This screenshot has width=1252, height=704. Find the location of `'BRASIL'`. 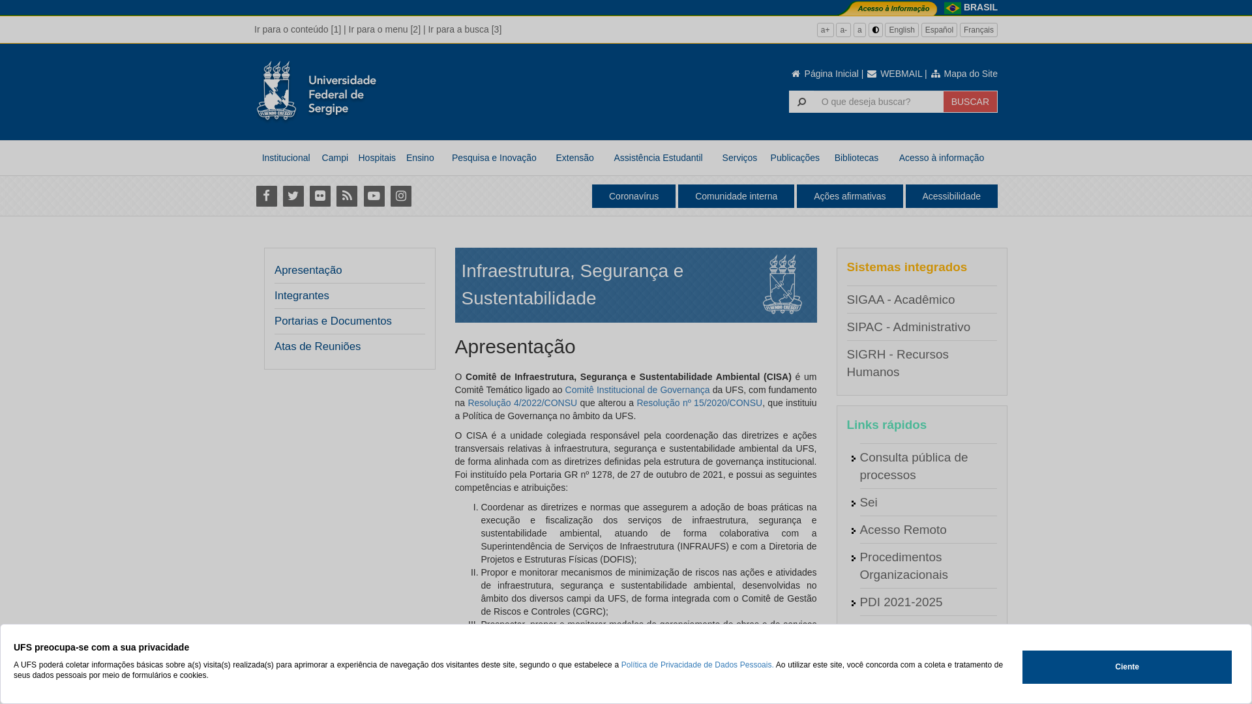

'BRASIL' is located at coordinates (980, 7).